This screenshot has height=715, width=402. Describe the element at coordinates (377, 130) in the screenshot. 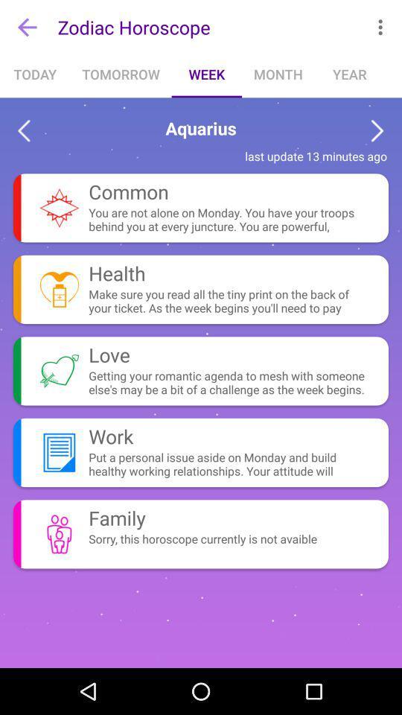

I see `next sign` at that location.